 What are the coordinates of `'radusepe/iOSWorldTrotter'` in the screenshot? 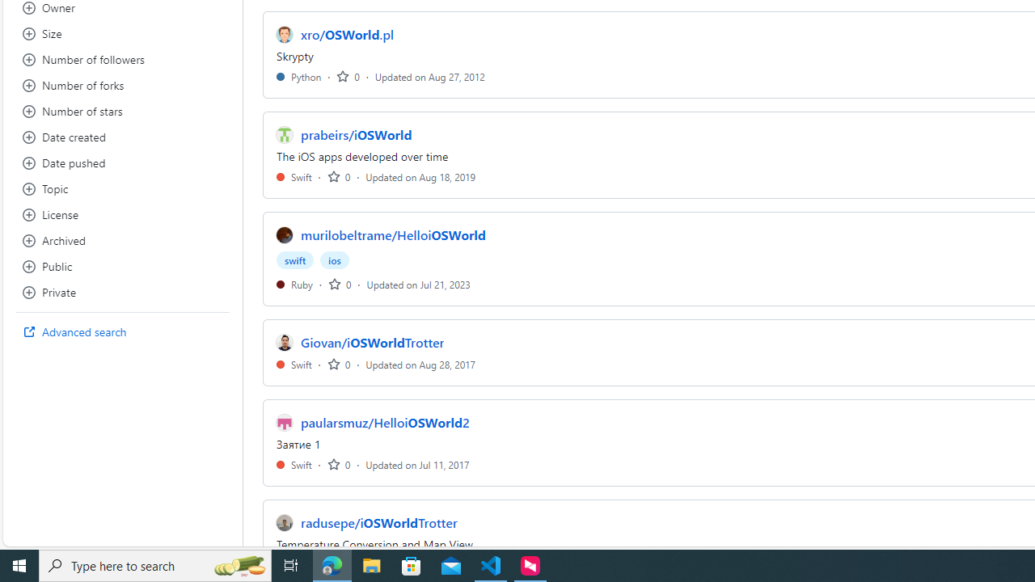 It's located at (378, 522).